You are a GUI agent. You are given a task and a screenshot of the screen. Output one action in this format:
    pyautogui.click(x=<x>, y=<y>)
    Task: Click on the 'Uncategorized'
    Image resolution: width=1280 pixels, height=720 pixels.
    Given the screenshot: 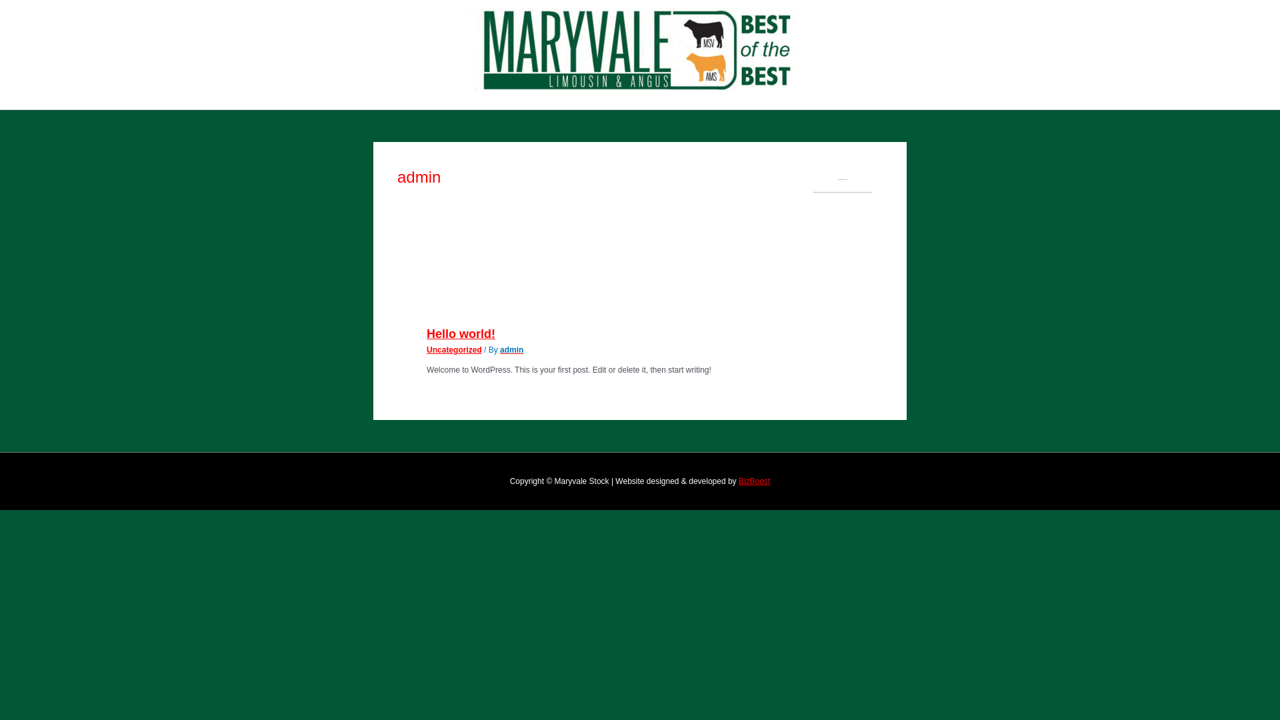 What is the action you would take?
    pyautogui.click(x=454, y=349)
    